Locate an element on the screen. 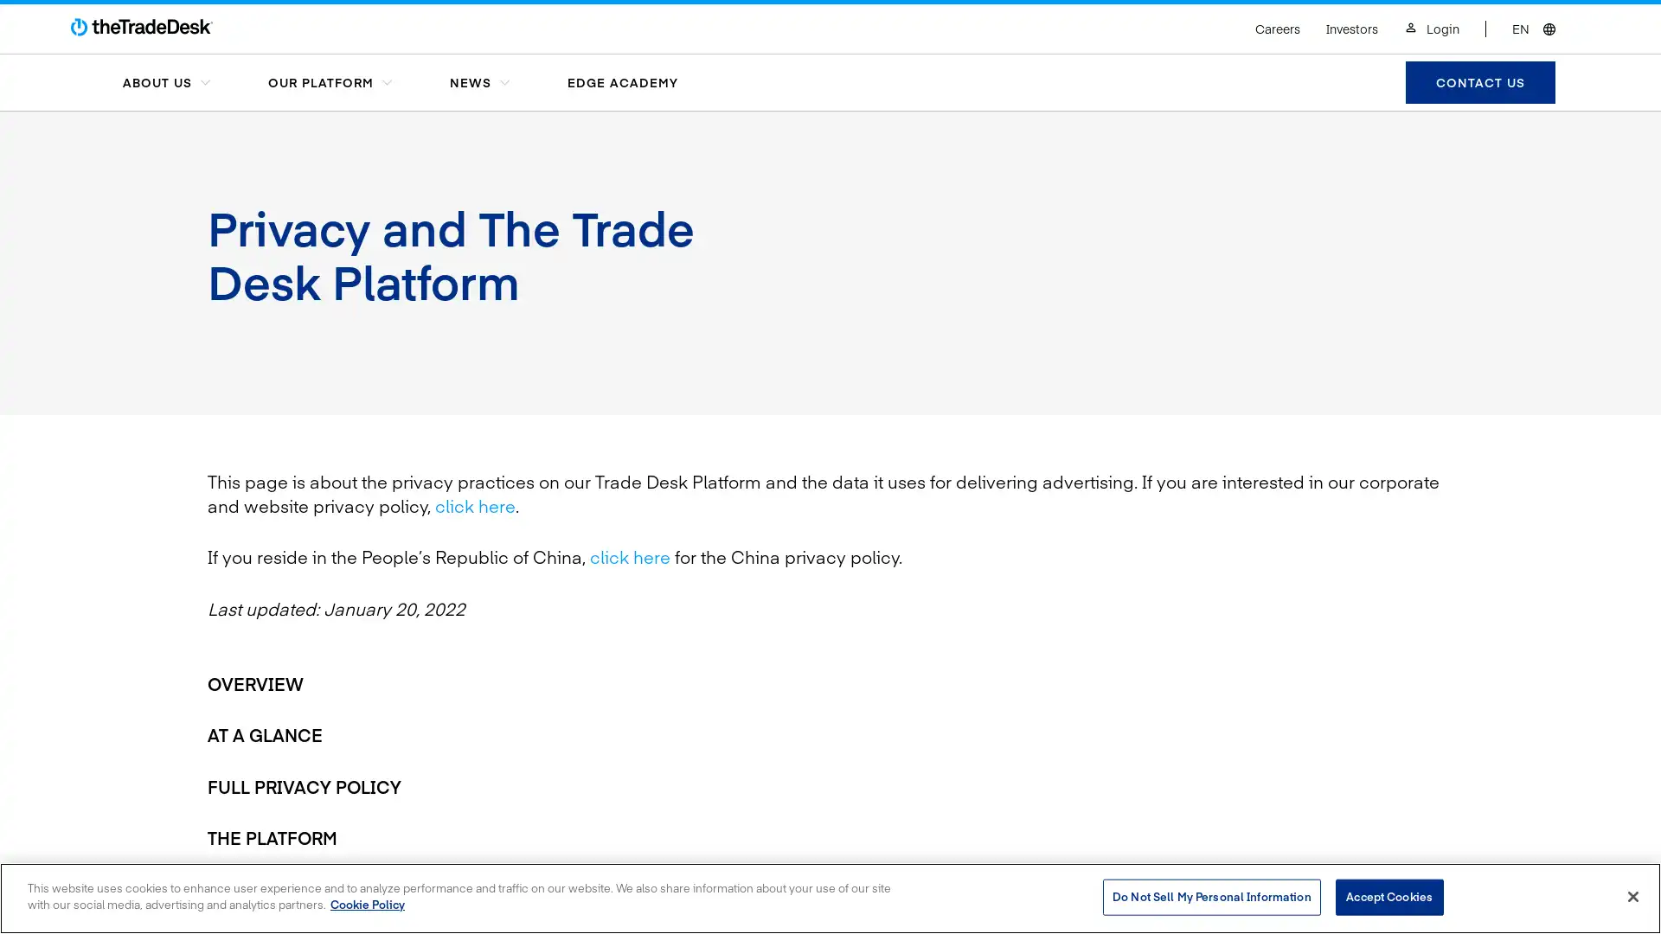 Image resolution: width=1661 pixels, height=934 pixels. Espanol is located at coordinates (1464, 11).